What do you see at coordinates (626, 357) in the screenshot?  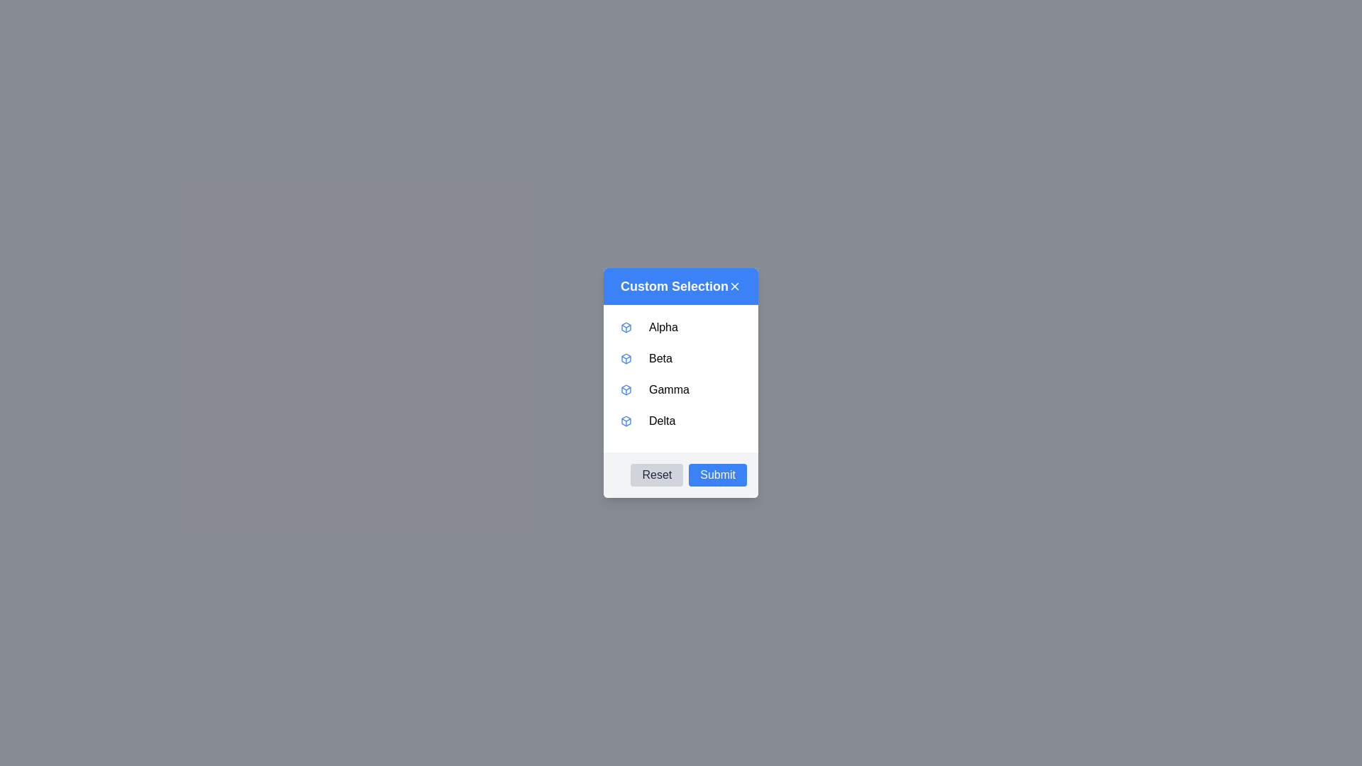 I see `the 'Beta' icon located` at bounding box center [626, 357].